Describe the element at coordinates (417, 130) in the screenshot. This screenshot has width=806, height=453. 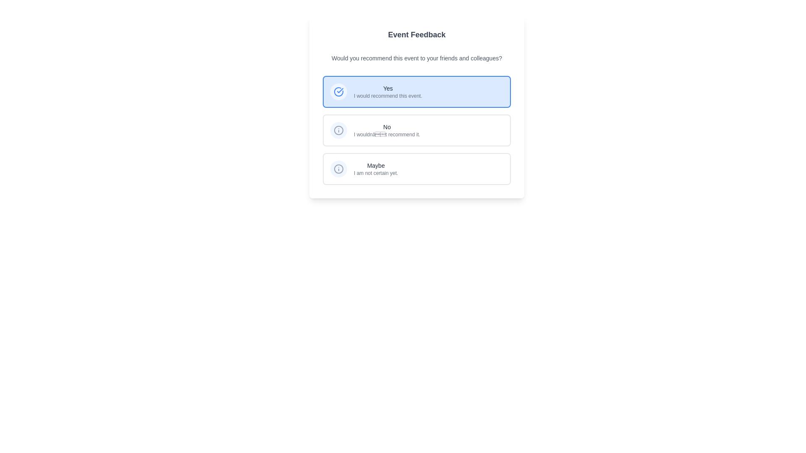
I see `descriptive text of the radio button option labeled 'No - I wouldn’t recommend this', which is the middle option in the feedback form` at that location.